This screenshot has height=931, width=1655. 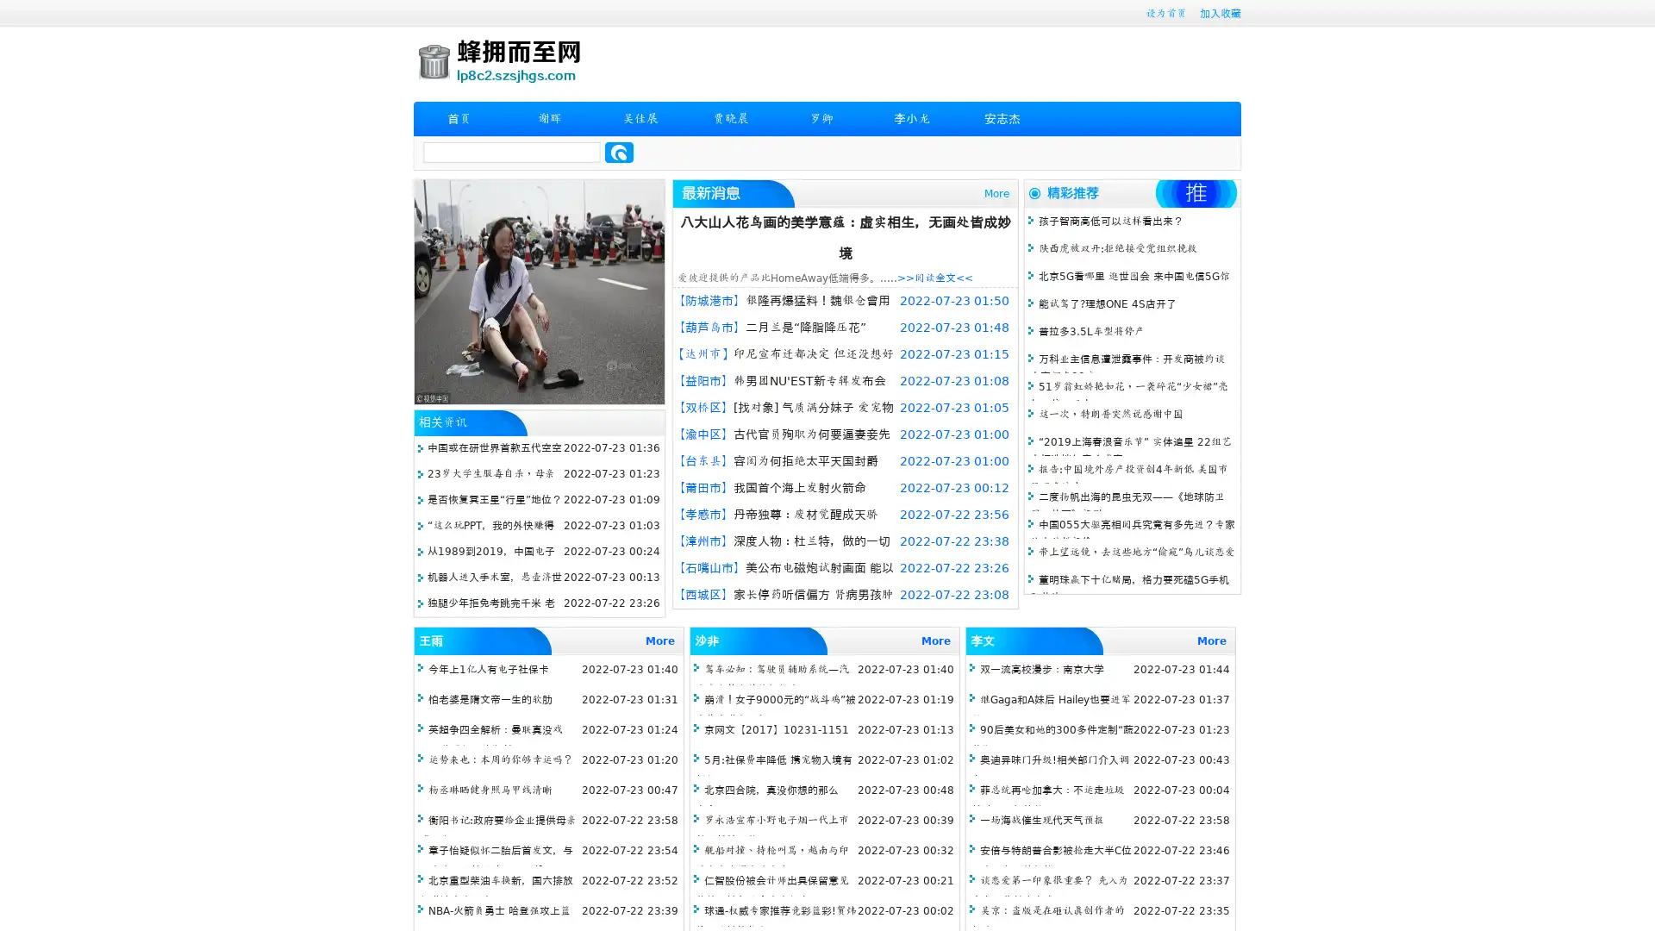 I want to click on Search, so click(x=619, y=152).